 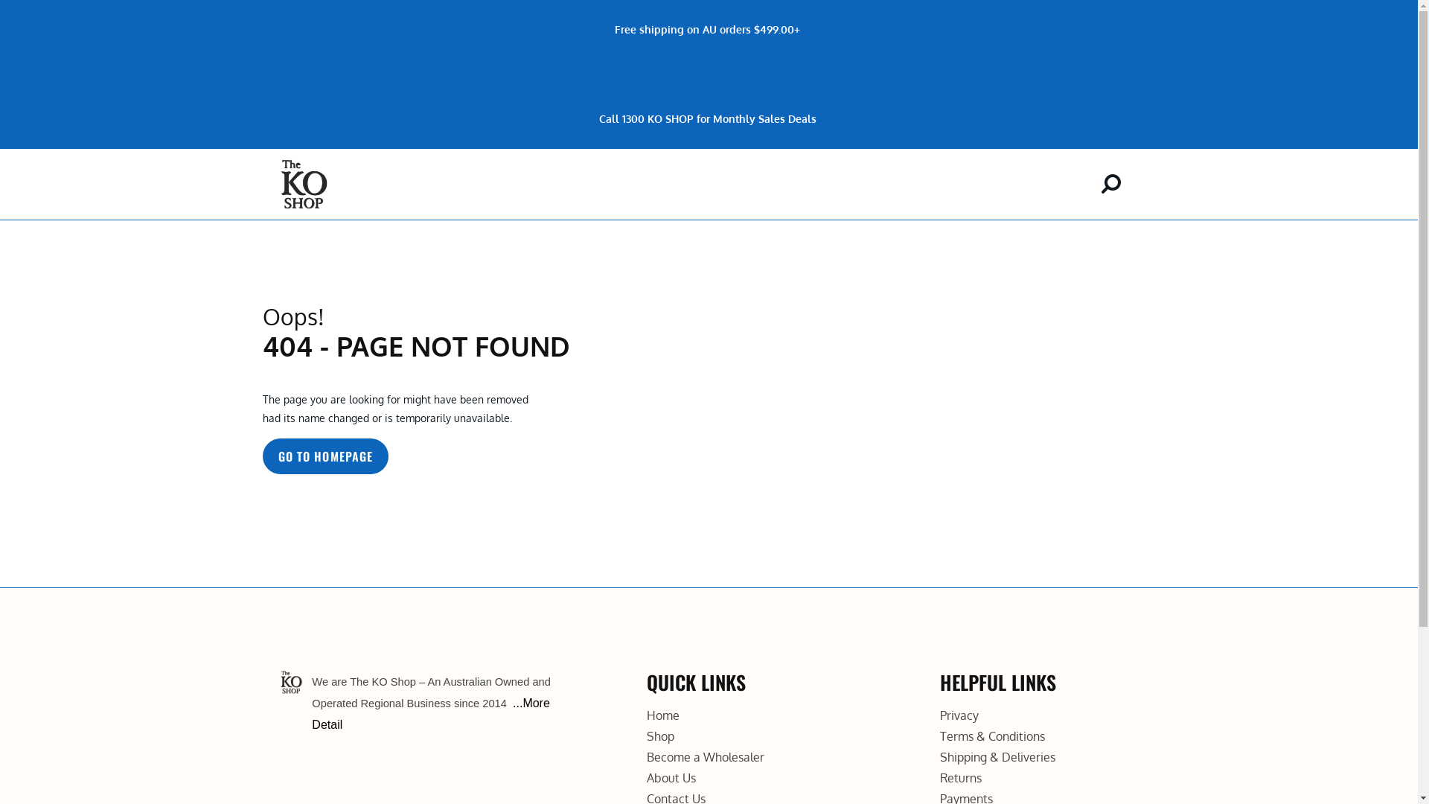 What do you see at coordinates (261, 456) in the screenshot?
I see `'GO TO HOMEPAGE'` at bounding box center [261, 456].